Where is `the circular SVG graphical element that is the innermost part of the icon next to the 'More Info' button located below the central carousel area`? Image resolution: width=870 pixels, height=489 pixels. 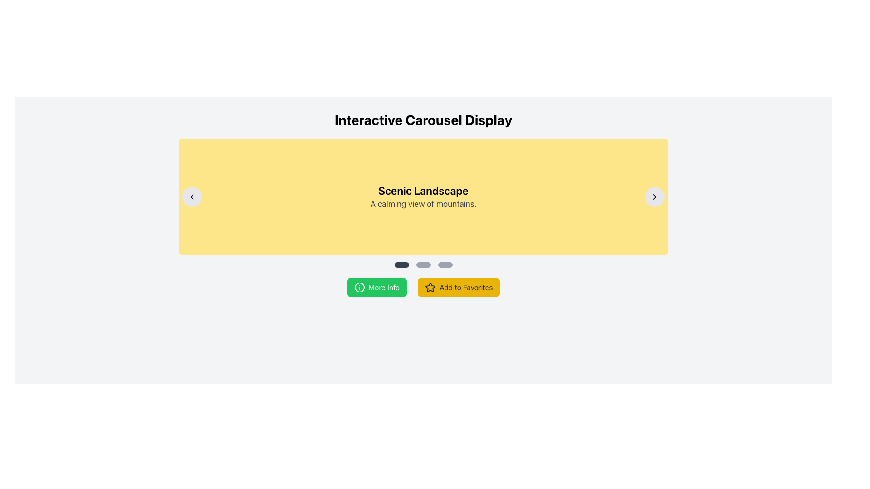 the circular SVG graphical element that is the innermost part of the icon next to the 'More Info' button located below the central carousel area is located at coordinates (359, 288).